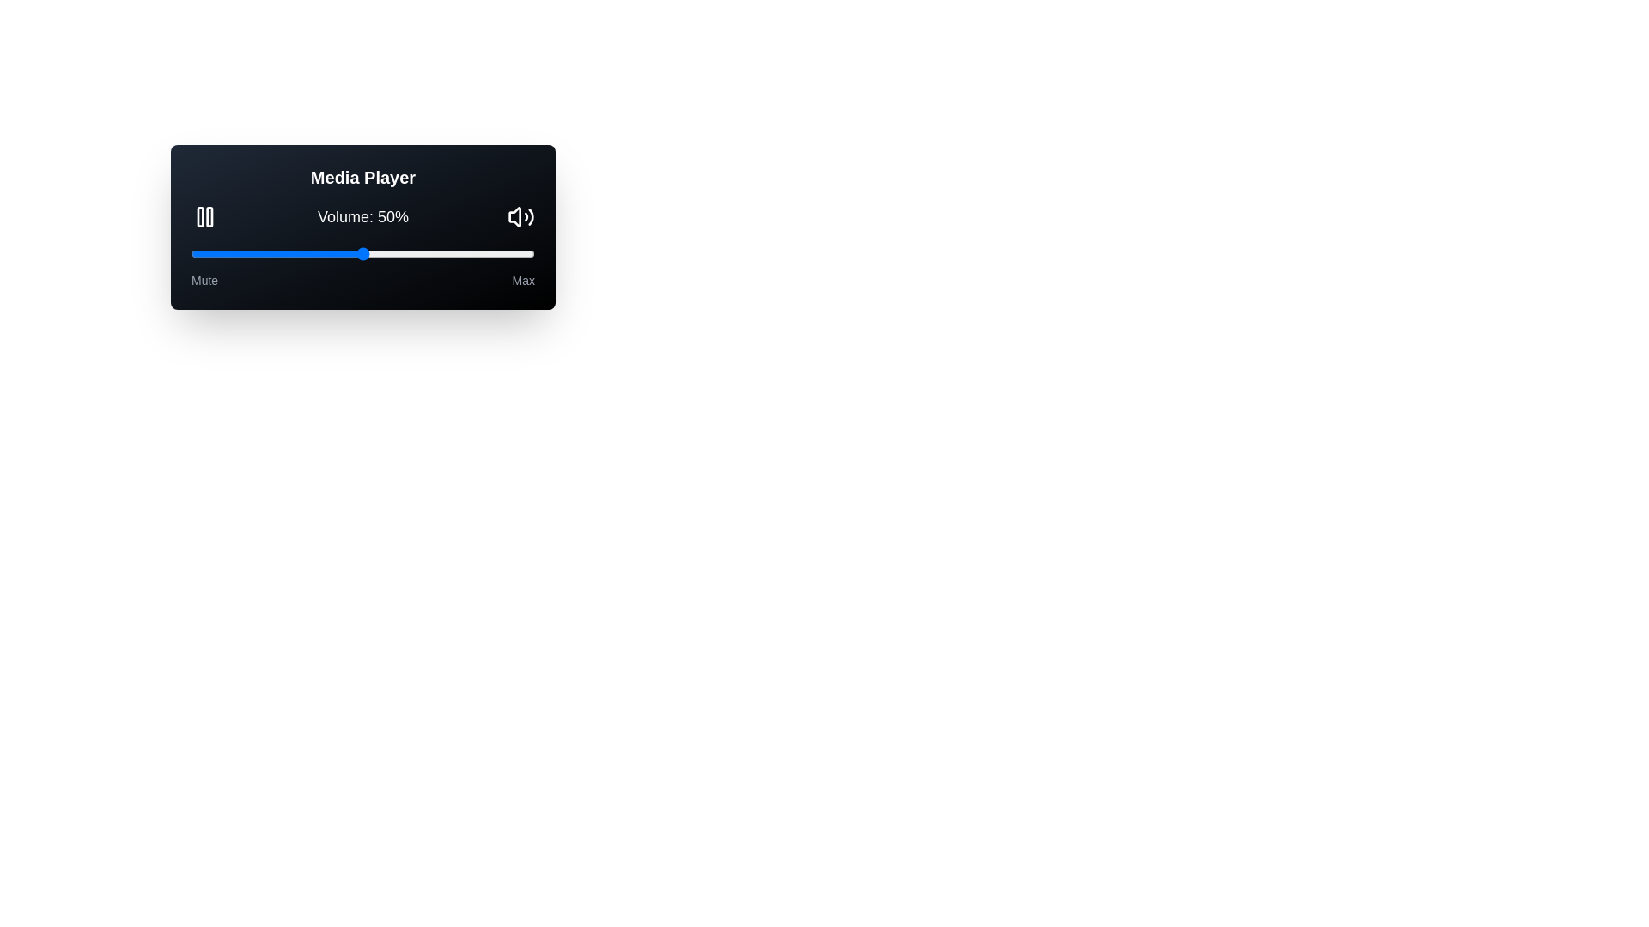 The image size is (1649, 927). What do you see at coordinates (531, 254) in the screenshot?
I see `the volume by setting the slider to 99%` at bounding box center [531, 254].